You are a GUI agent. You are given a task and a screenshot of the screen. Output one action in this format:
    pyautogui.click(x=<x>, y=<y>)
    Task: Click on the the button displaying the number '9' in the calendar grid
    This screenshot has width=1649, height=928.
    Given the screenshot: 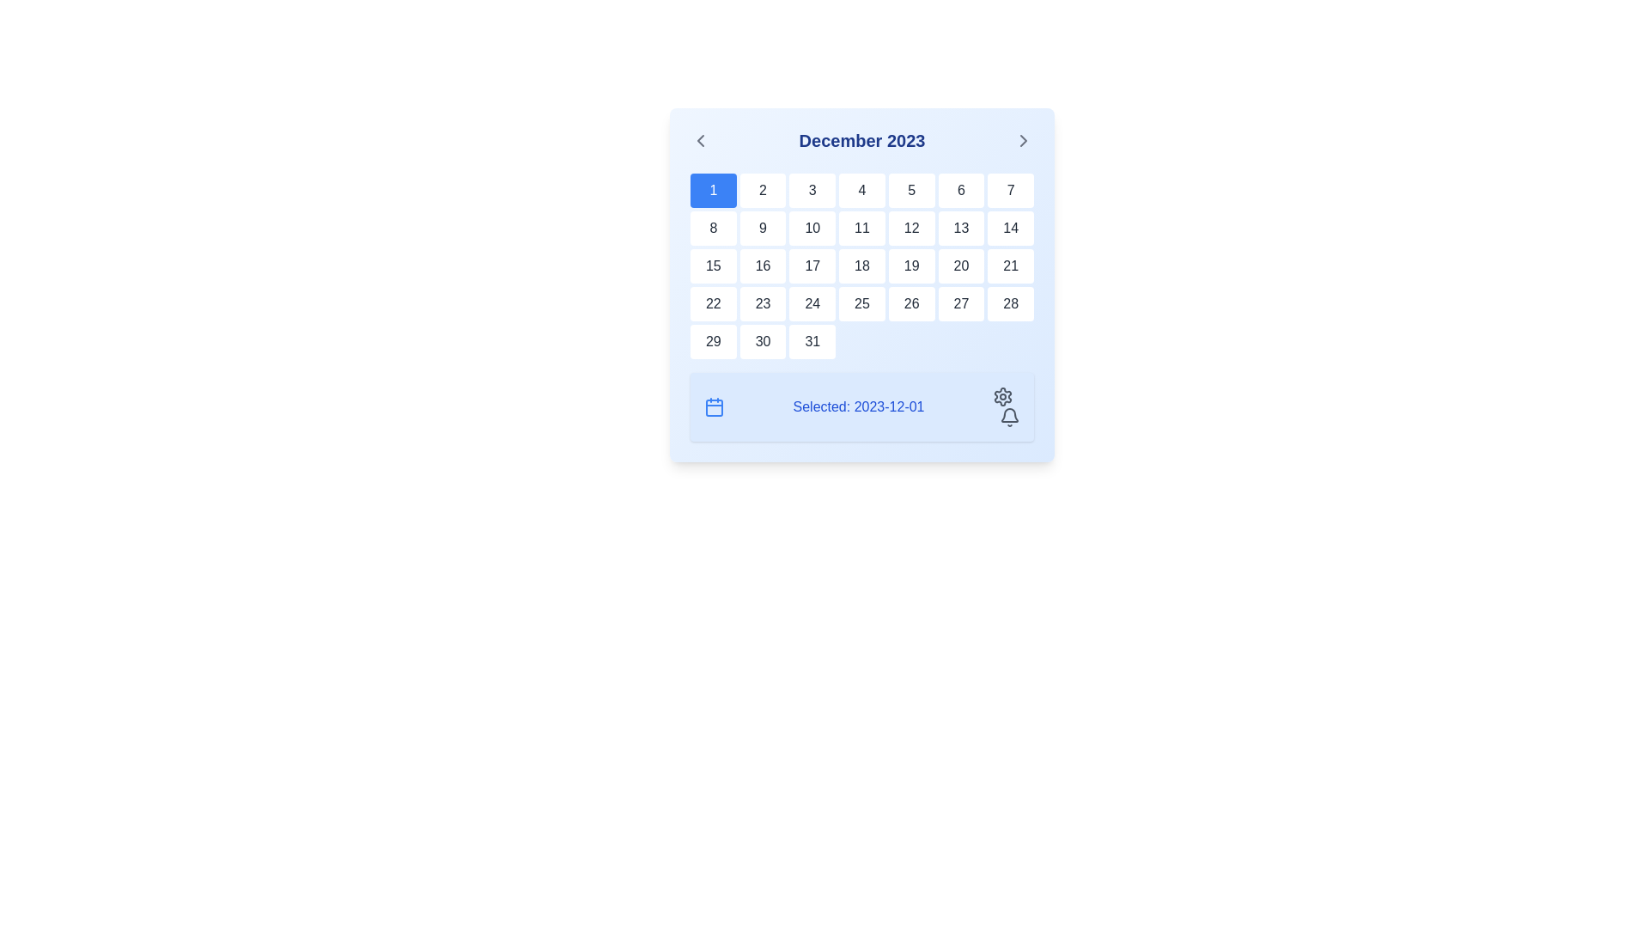 What is the action you would take?
    pyautogui.click(x=762, y=228)
    